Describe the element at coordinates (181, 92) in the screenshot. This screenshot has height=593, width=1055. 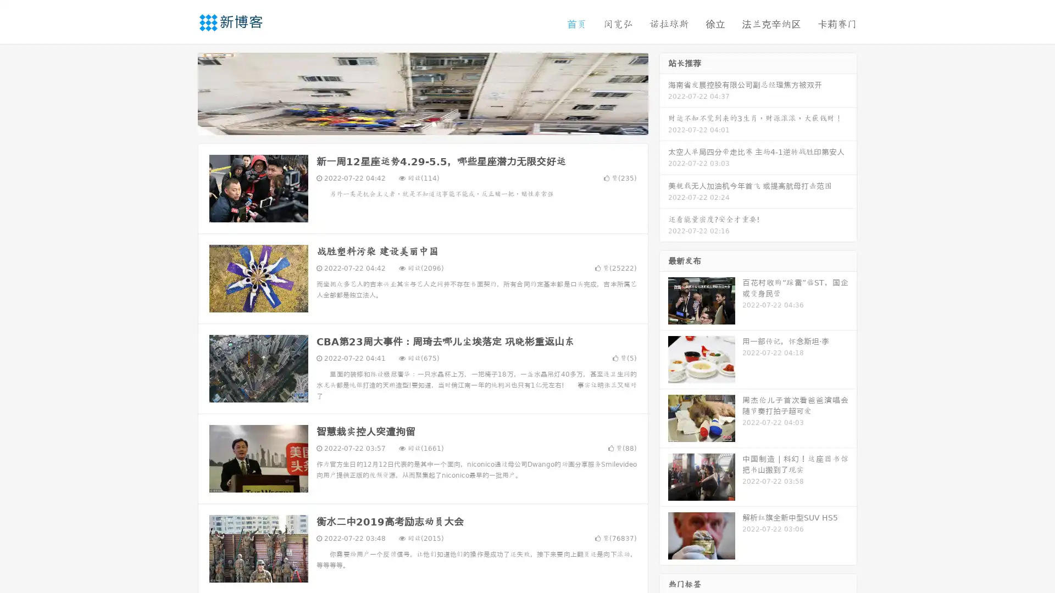
I see `Previous slide` at that location.